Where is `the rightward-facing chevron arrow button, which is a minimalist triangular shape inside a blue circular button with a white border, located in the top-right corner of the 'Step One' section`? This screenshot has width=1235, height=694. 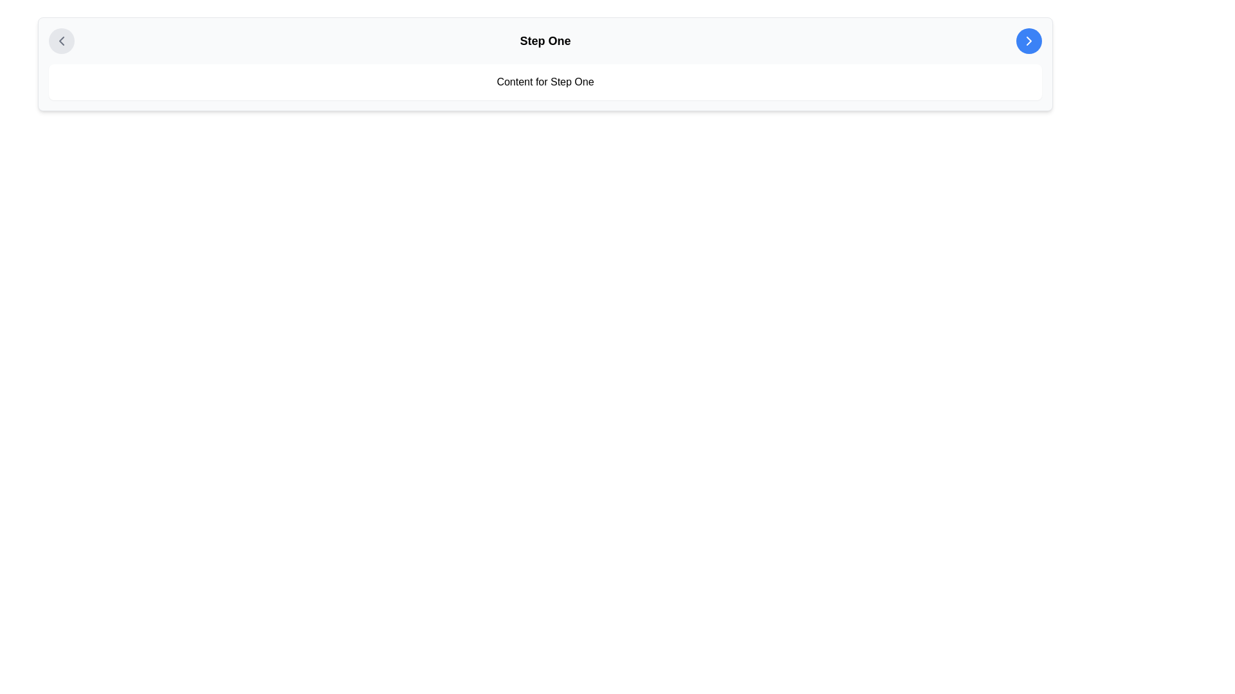
the rightward-facing chevron arrow button, which is a minimalist triangular shape inside a blue circular button with a white border, located in the top-right corner of the 'Step One' section is located at coordinates (1028, 40).